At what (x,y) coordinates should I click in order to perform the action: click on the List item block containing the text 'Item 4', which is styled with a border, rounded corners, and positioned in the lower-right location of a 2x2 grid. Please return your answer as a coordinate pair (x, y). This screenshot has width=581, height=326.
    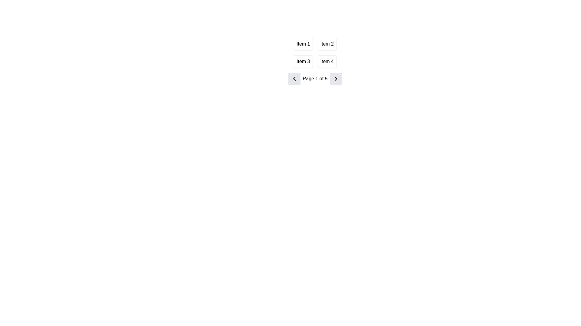
    Looking at the image, I should click on (327, 62).